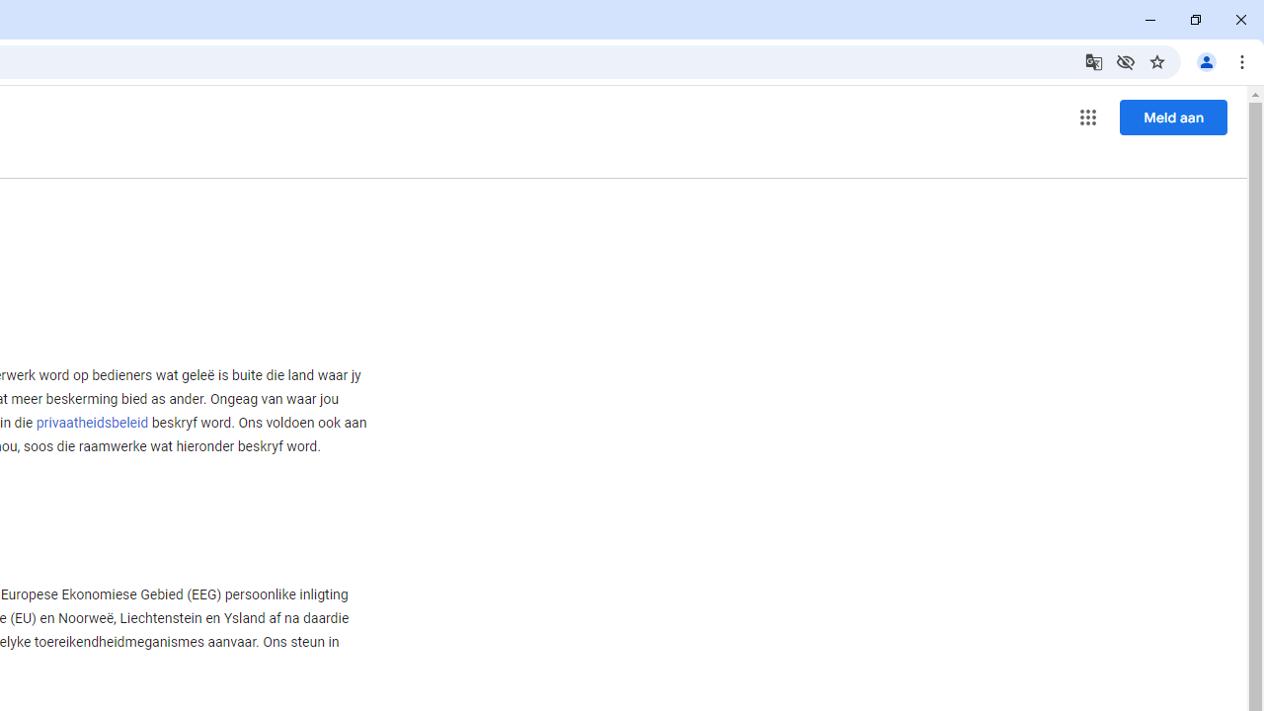 Image resolution: width=1264 pixels, height=711 pixels. I want to click on 'Translate this page', so click(1092, 60).